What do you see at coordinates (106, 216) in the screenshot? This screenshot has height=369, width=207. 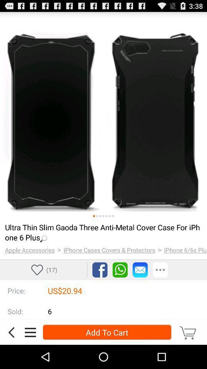 I see `open fifth image` at bounding box center [106, 216].